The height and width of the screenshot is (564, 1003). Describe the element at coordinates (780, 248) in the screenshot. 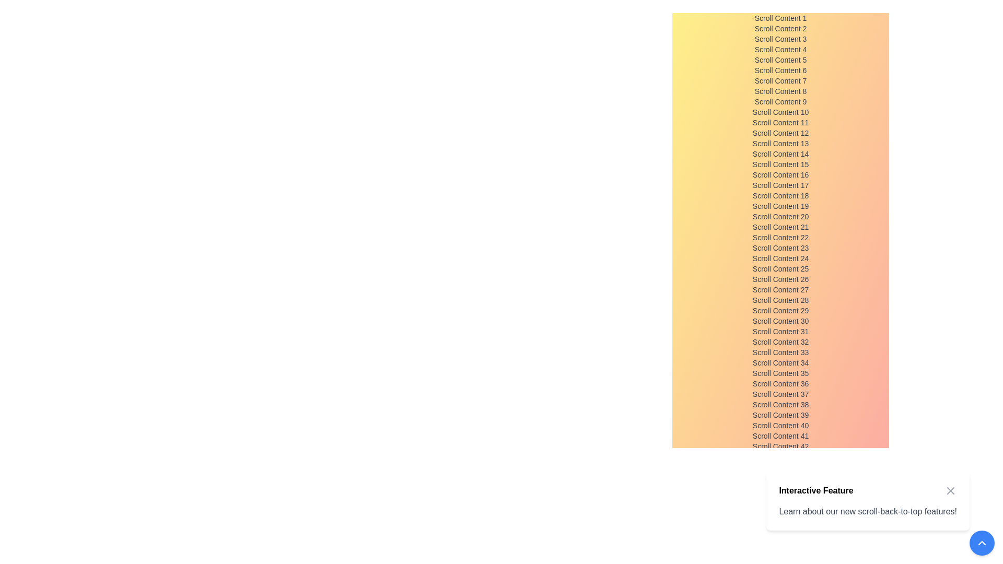

I see `the text label displaying 'Scroll Content 23', which is the 23rd item in a vertical scrollable list` at that location.